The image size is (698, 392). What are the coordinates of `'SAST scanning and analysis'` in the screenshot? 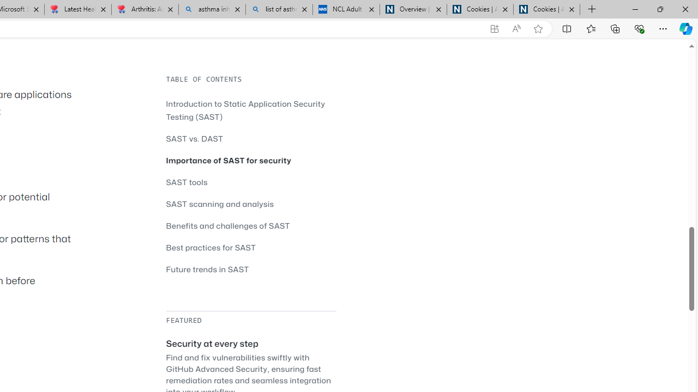 It's located at (219, 204).